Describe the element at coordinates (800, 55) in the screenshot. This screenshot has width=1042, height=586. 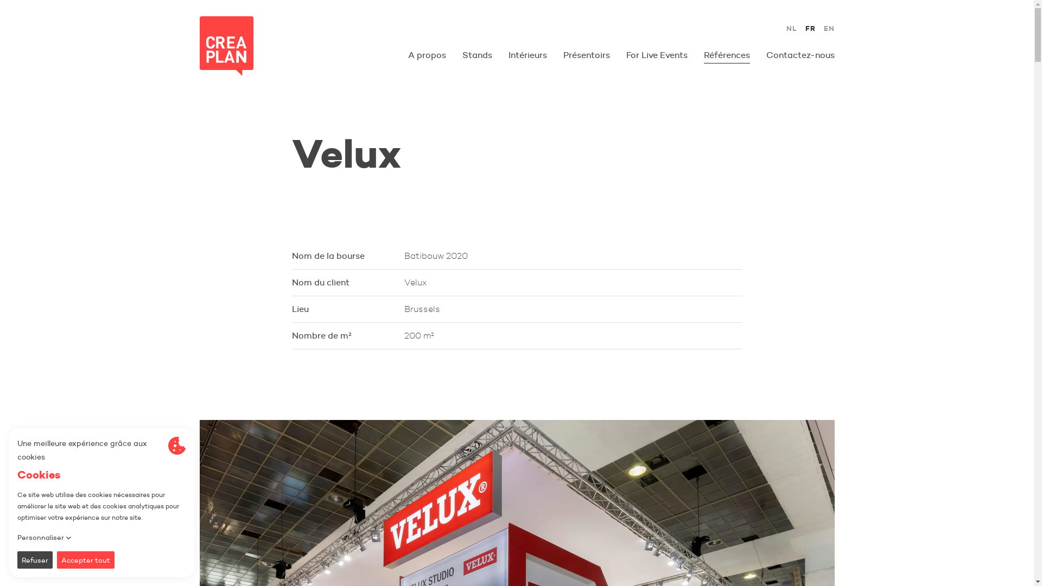
I see `'Contactez-nous'` at that location.